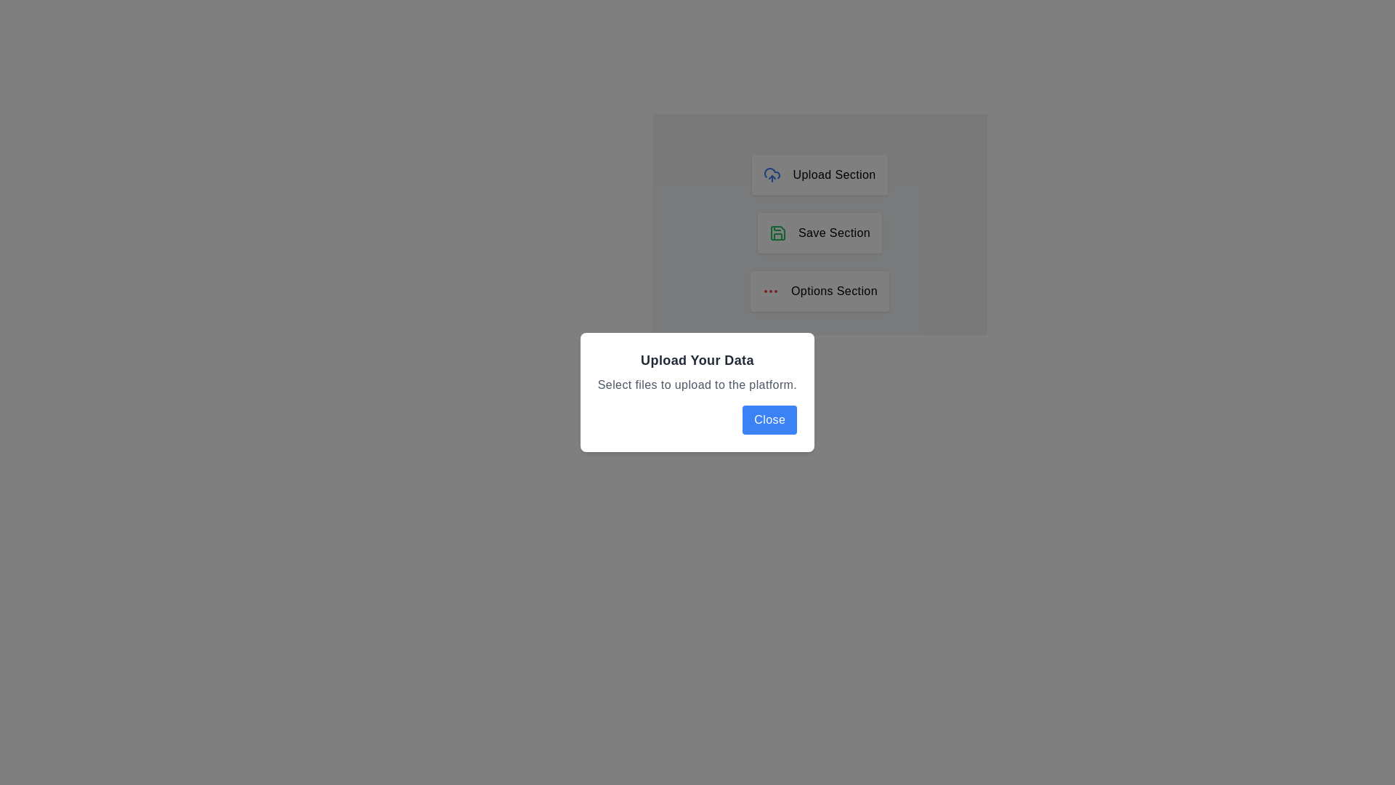 The height and width of the screenshot is (785, 1395). Describe the element at coordinates (697, 360) in the screenshot. I see `the bold, large-sized text label reading 'Upload Your Data' located at the top-center of the white dialog box` at that location.